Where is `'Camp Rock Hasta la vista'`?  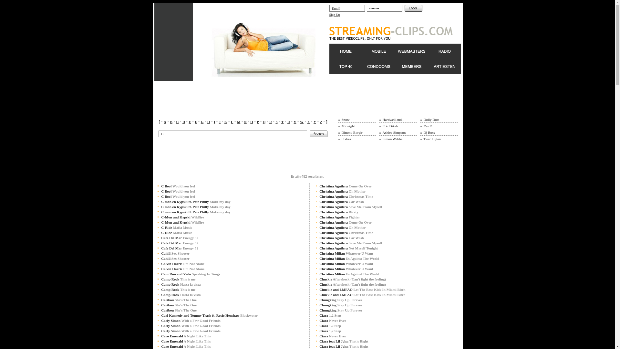
'Camp Rock Hasta la vista' is located at coordinates (181, 294).